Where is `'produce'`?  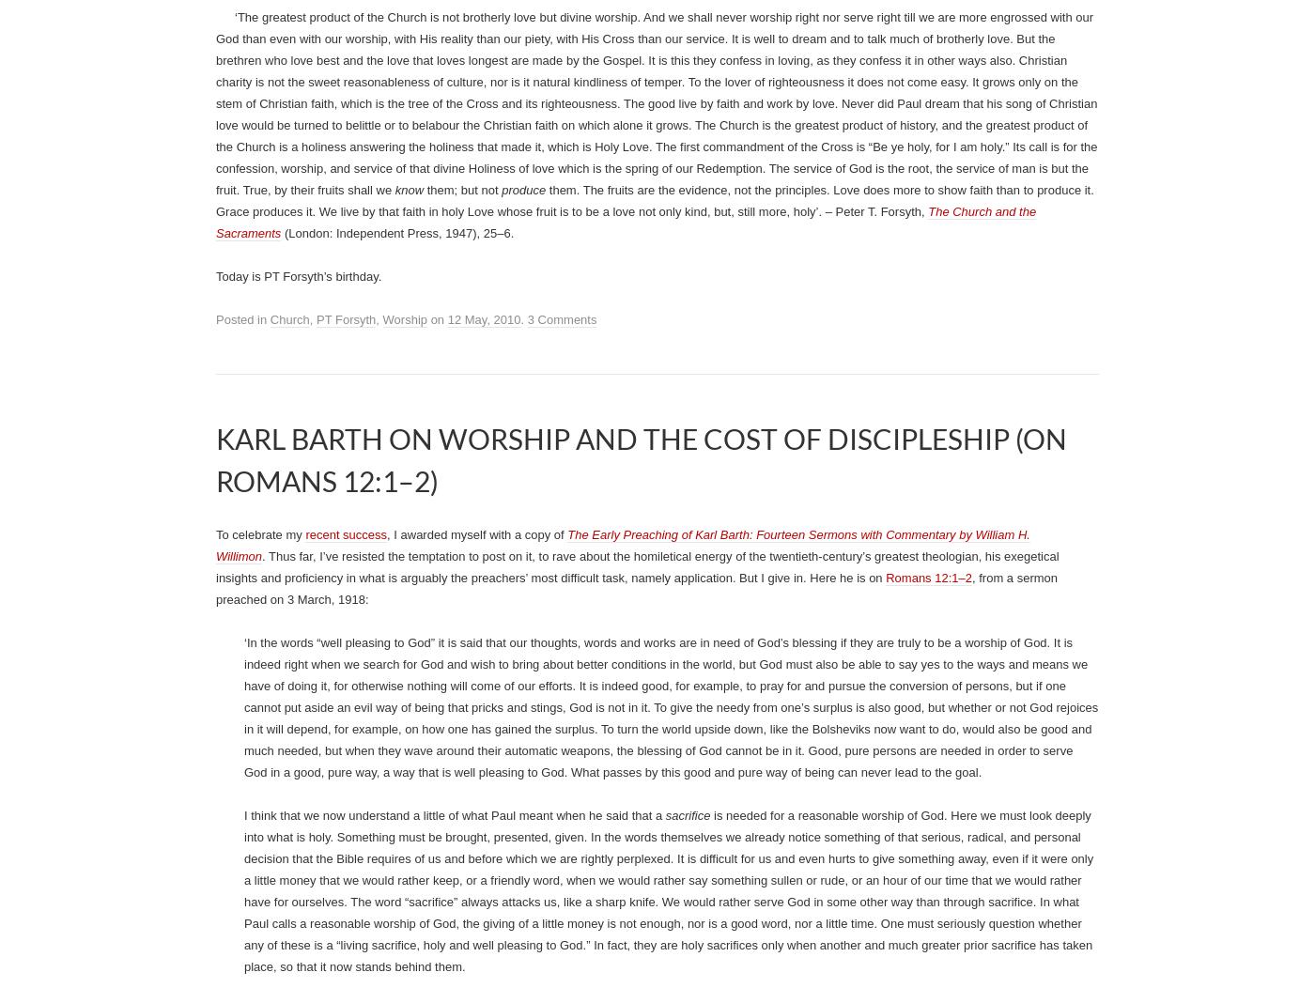
'produce' is located at coordinates (525, 910).